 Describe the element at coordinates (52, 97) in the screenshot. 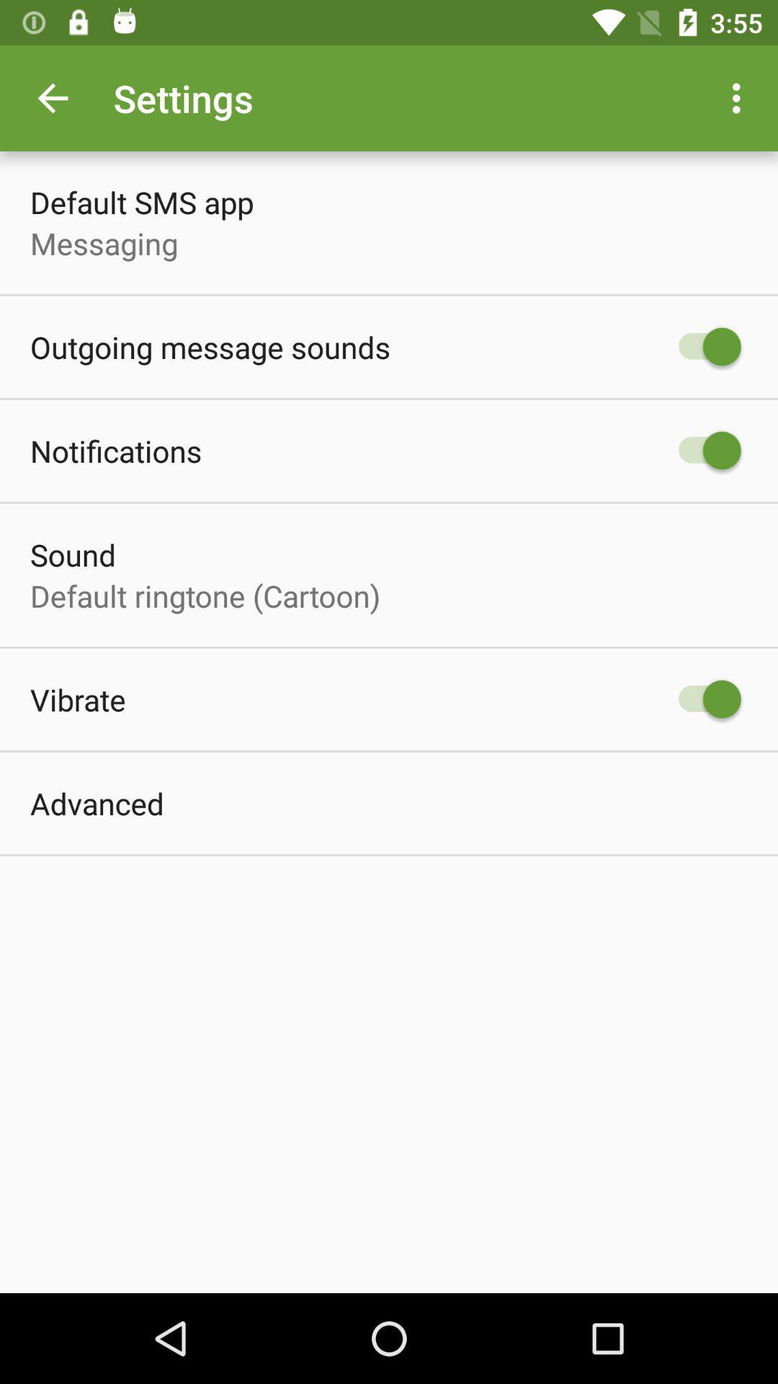

I see `the item to the left of settings app` at that location.